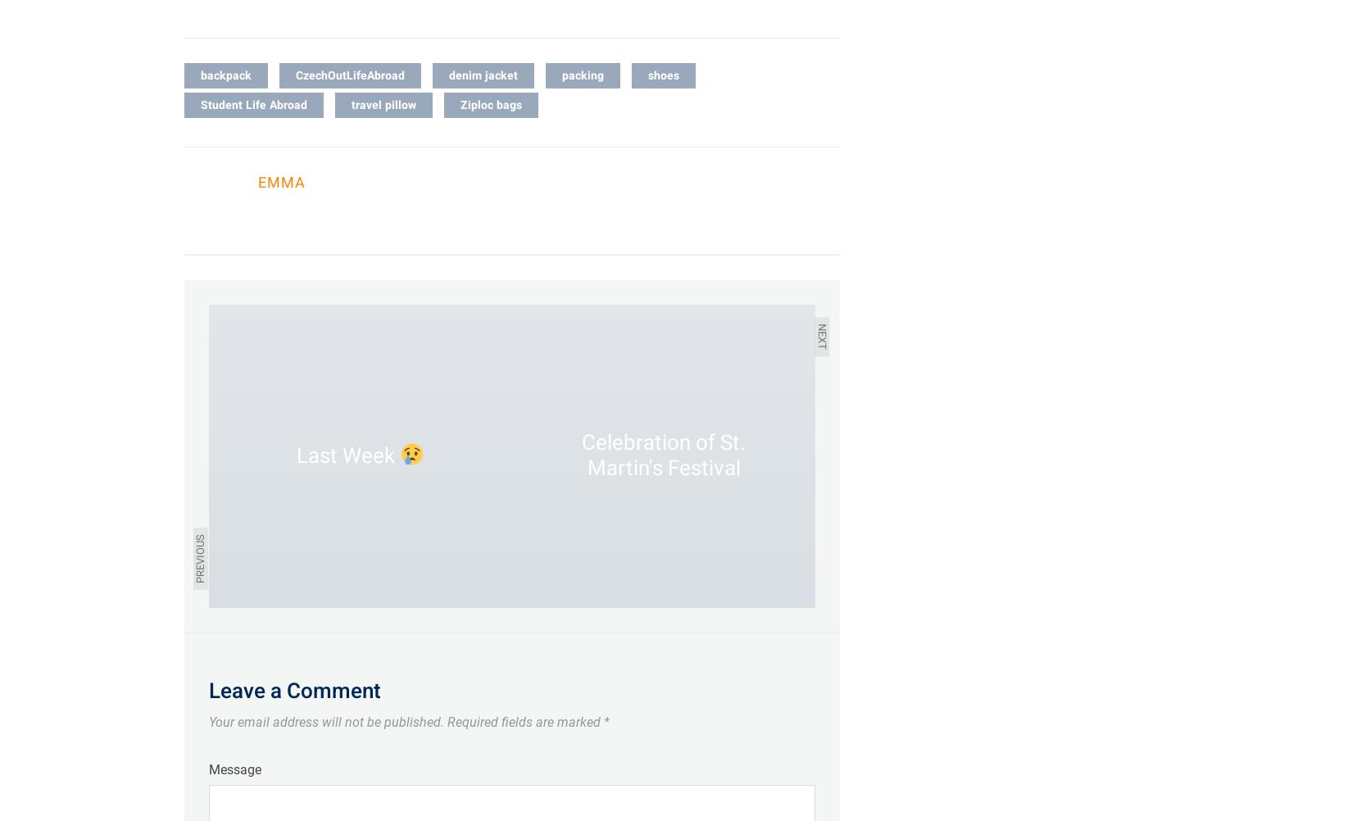 The width and height of the screenshot is (1352, 821). Describe the element at coordinates (582, 74) in the screenshot. I see `'packing'` at that location.